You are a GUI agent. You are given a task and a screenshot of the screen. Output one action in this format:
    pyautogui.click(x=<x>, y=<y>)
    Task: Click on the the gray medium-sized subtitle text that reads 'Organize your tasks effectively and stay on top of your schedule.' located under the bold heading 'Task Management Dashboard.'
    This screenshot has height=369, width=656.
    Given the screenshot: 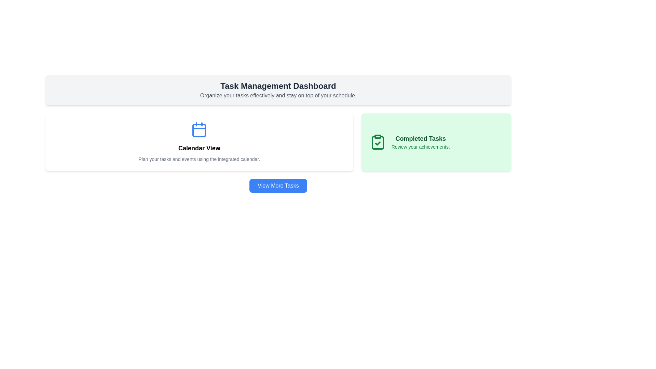 What is the action you would take?
    pyautogui.click(x=278, y=96)
    